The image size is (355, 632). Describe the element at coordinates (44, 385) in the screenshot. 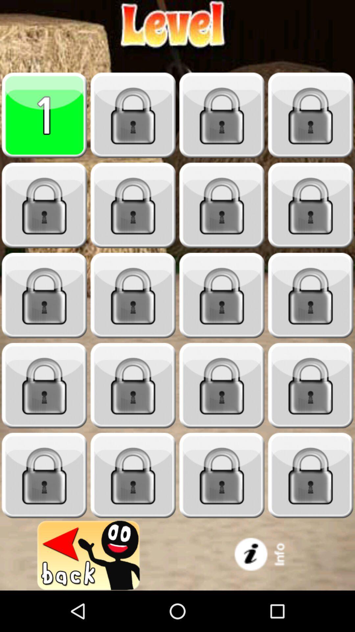

I see `locked level` at that location.